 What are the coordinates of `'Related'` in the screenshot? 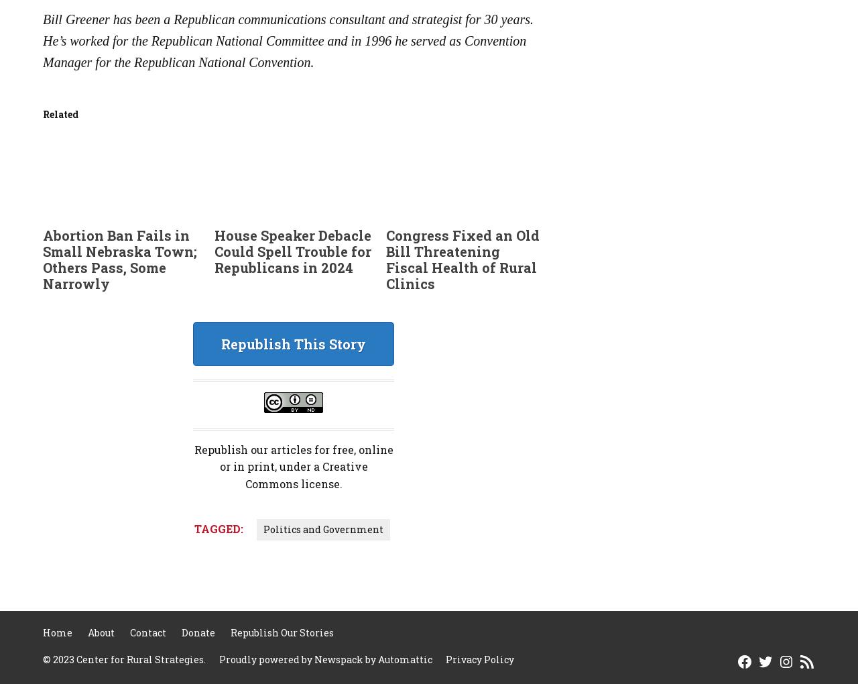 It's located at (60, 114).